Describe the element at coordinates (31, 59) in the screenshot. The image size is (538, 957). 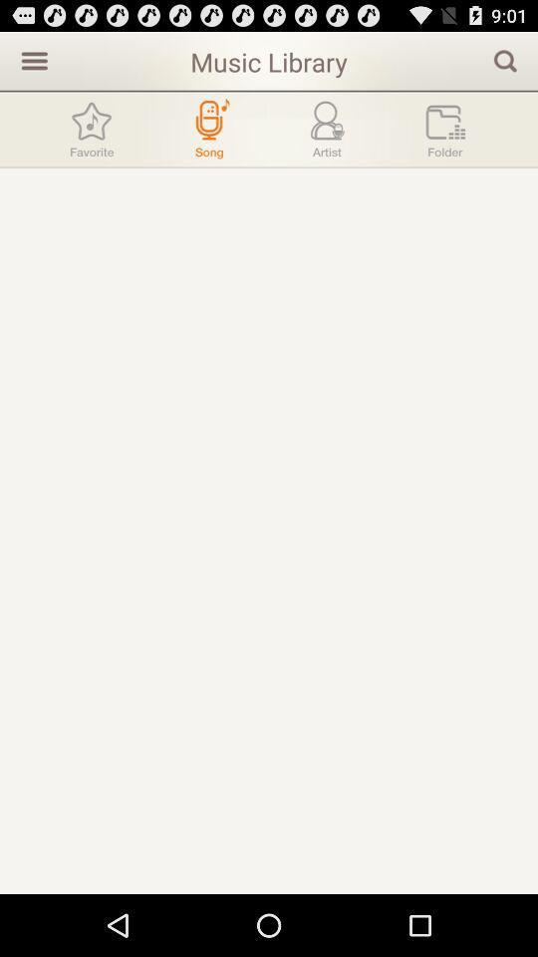
I see `open menu` at that location.